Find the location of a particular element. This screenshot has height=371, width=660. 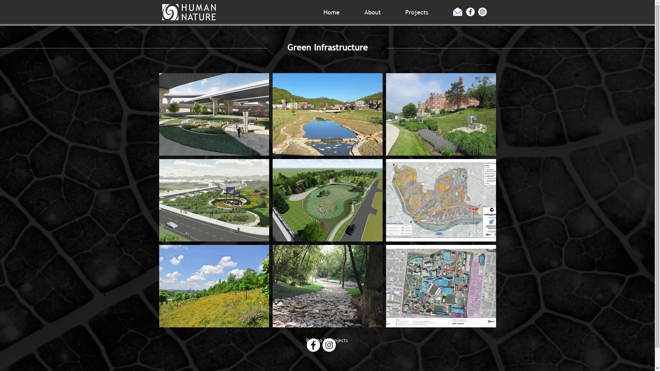

'Back to All Projects' is located at coordinates (326, 340).